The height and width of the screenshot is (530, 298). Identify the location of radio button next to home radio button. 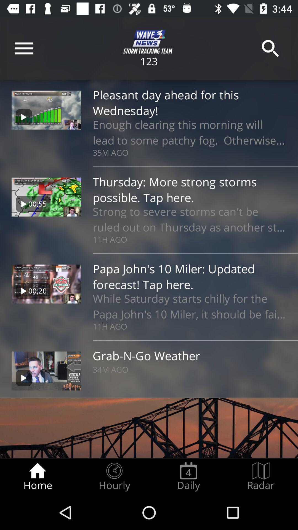
(114, 476).